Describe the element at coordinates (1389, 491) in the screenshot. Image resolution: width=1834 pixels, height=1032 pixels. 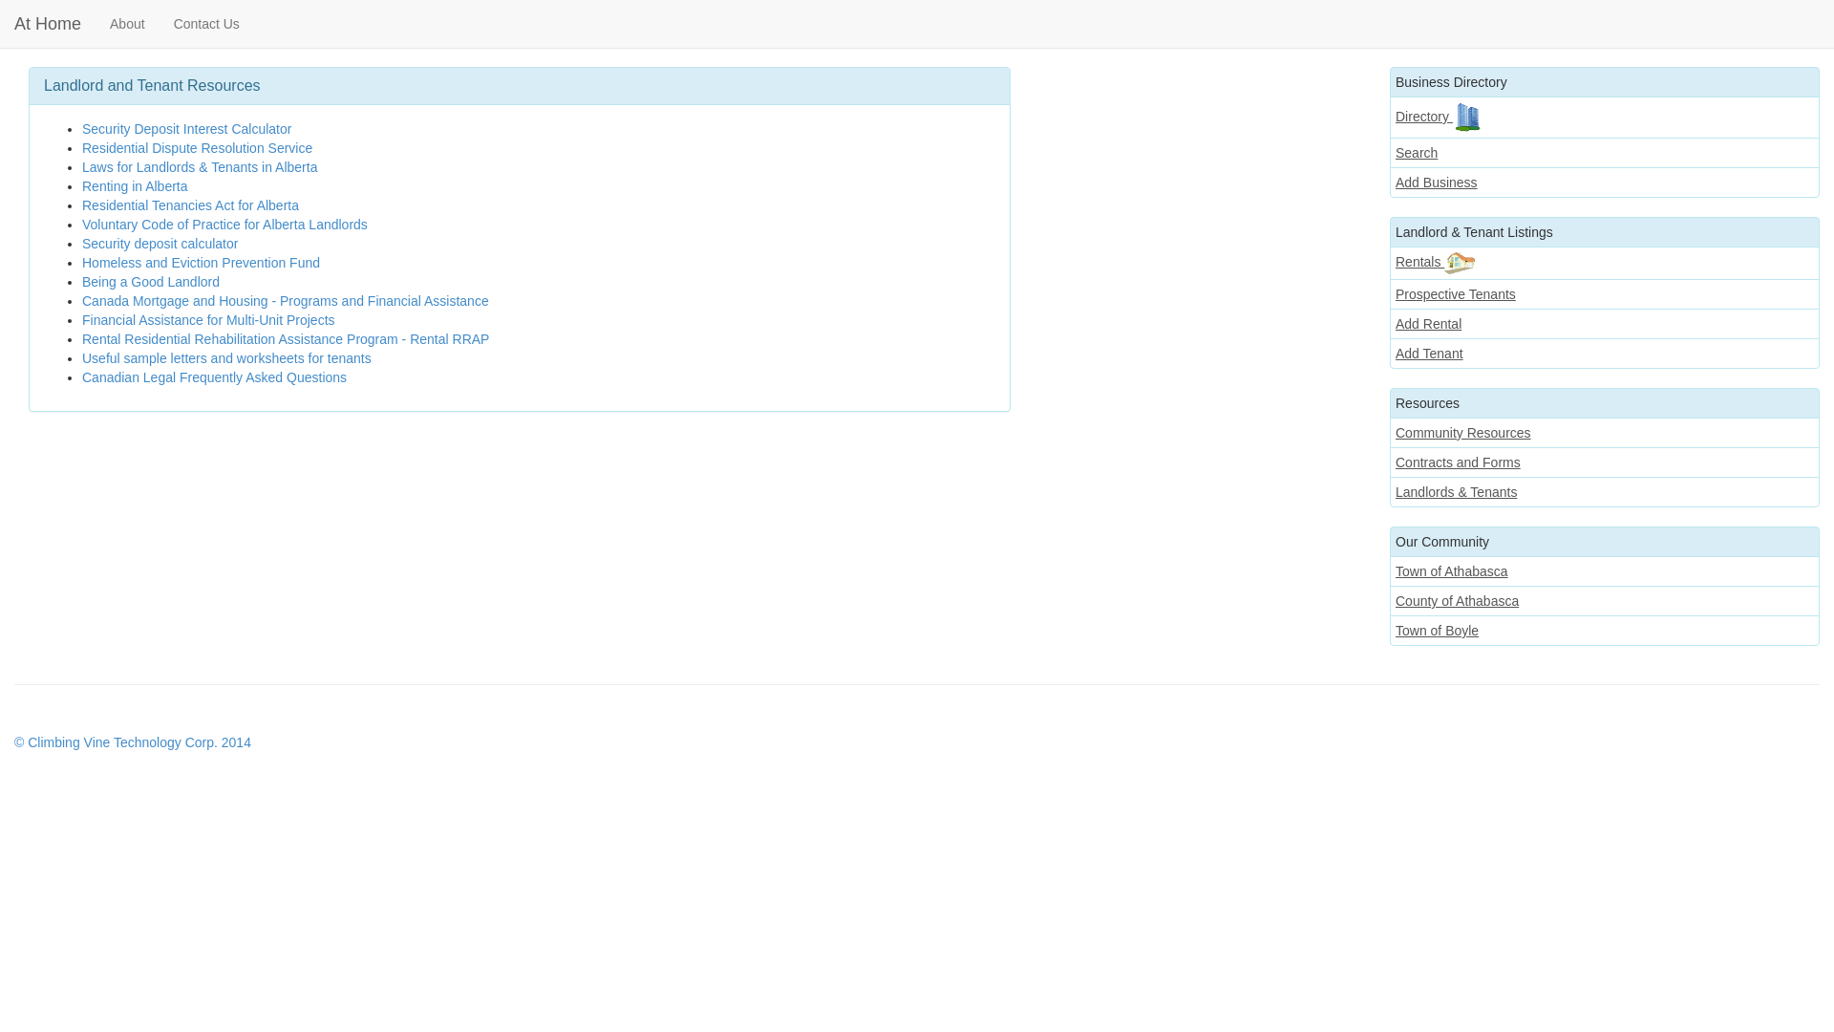
I see `'Landlords & Tenants'` at that location.